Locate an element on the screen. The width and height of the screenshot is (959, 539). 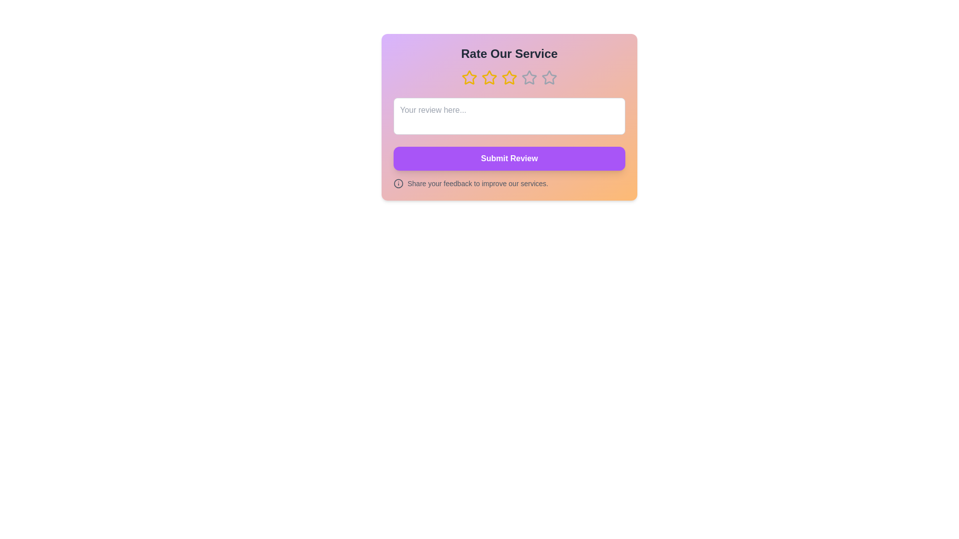
the fourth star in the five-star rating system for interaction is located at coordinates (529, 77).